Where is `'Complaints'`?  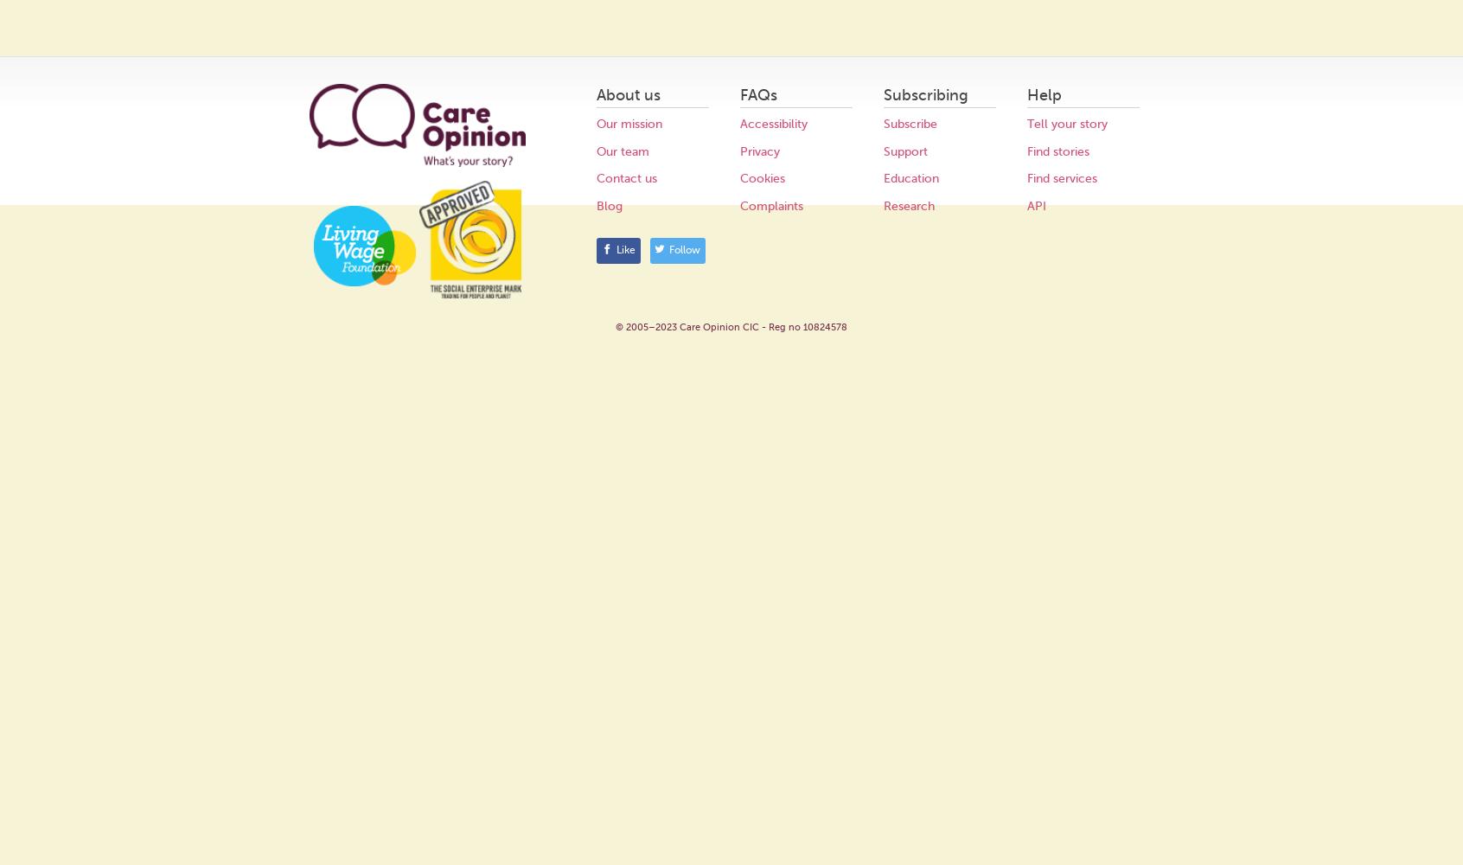
'Complaints' is located at coordinates (770, 204).